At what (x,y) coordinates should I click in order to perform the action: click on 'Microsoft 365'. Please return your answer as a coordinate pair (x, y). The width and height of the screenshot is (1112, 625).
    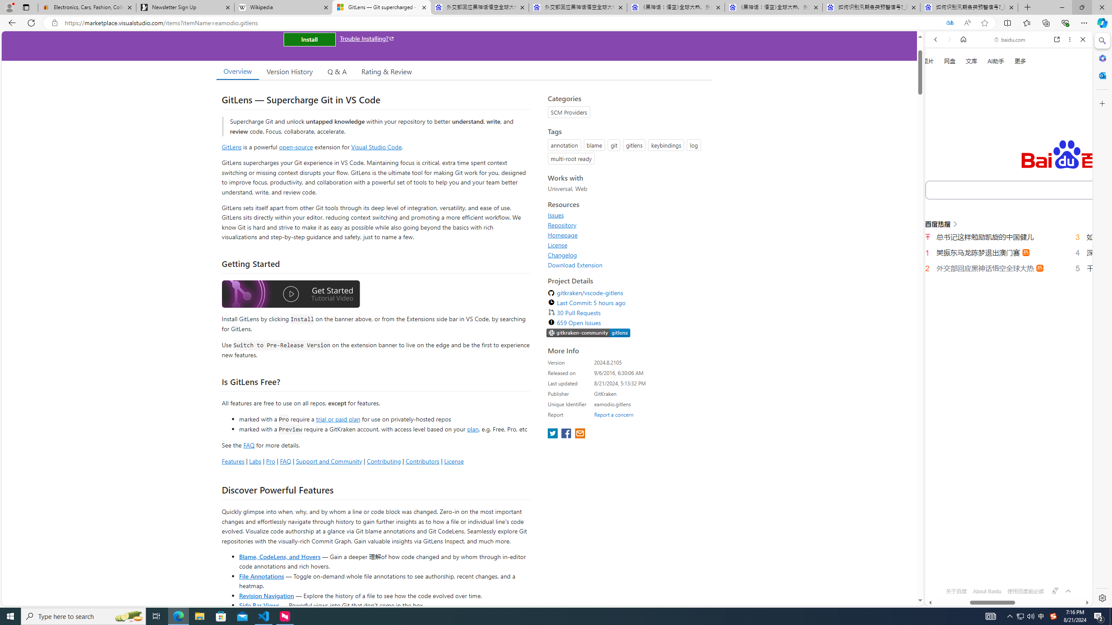
    Looking at the image, I should click on (1101, 58).